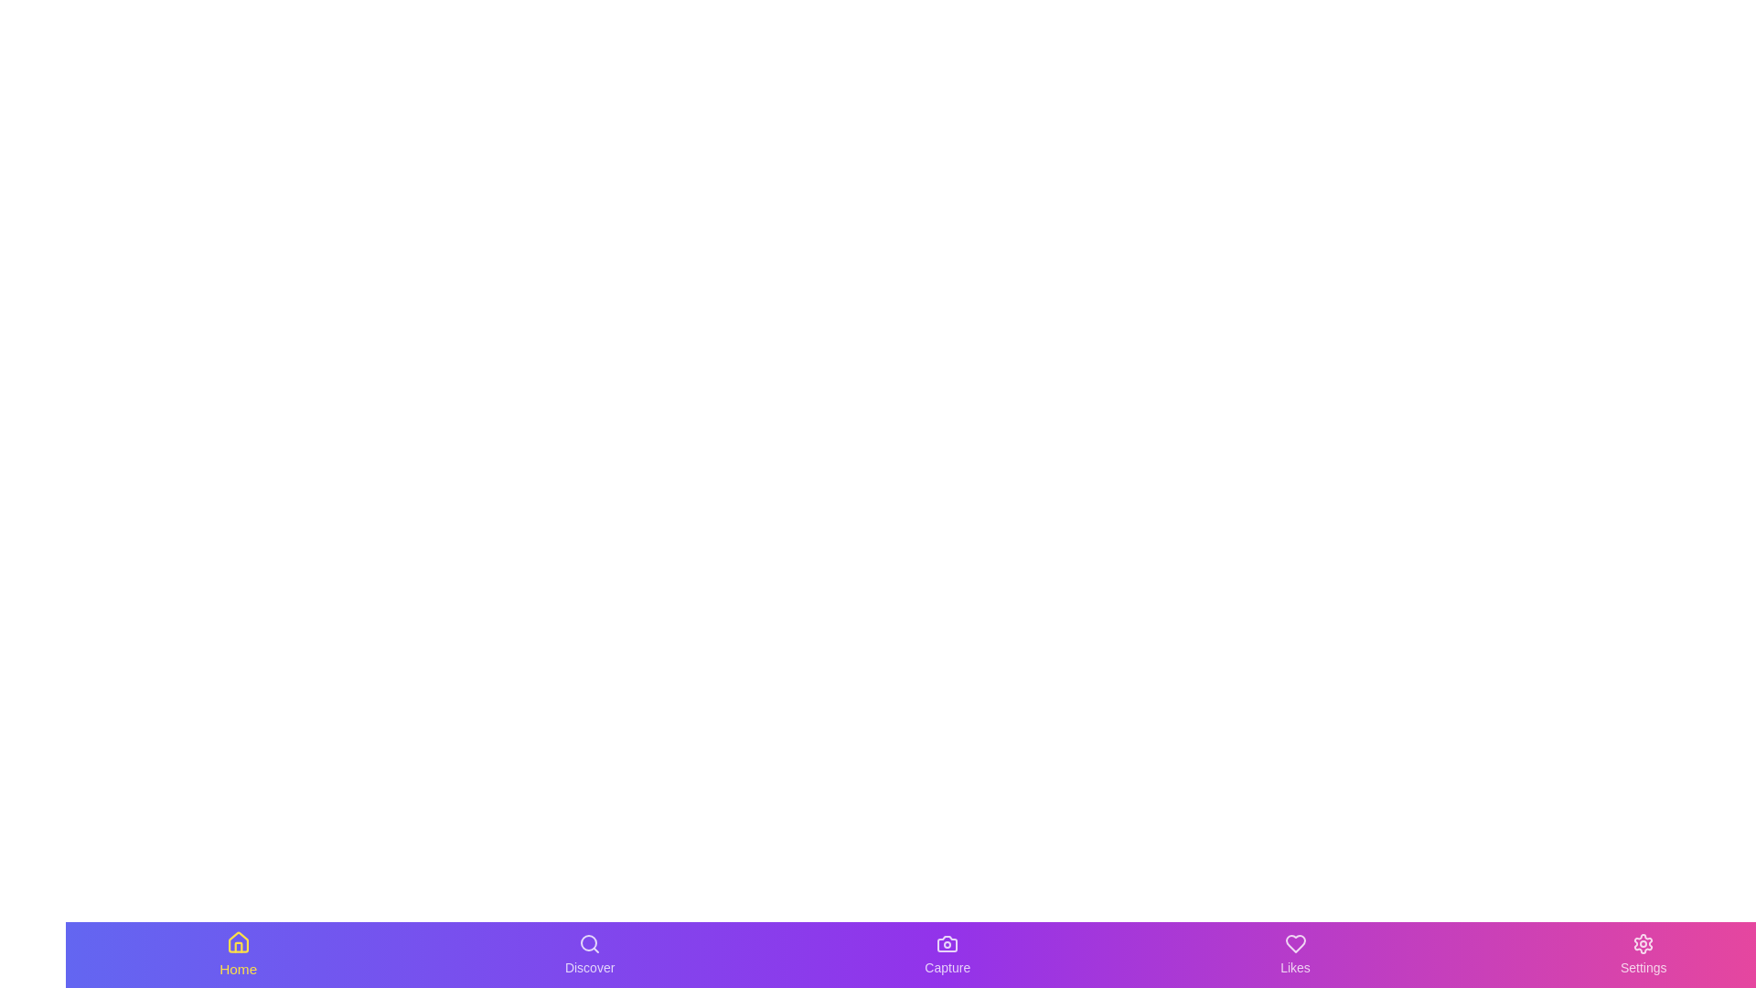  Describe the element at coordinates (948, 954) in the screenshot. I see `the tab labeled Capture` at that location.